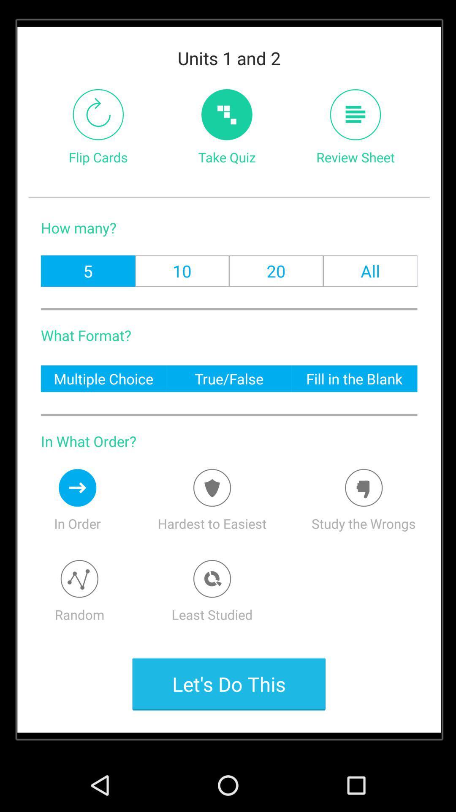  Describe the element at coordinates (79, 578) in the screenshot. I see `random order` at that location.